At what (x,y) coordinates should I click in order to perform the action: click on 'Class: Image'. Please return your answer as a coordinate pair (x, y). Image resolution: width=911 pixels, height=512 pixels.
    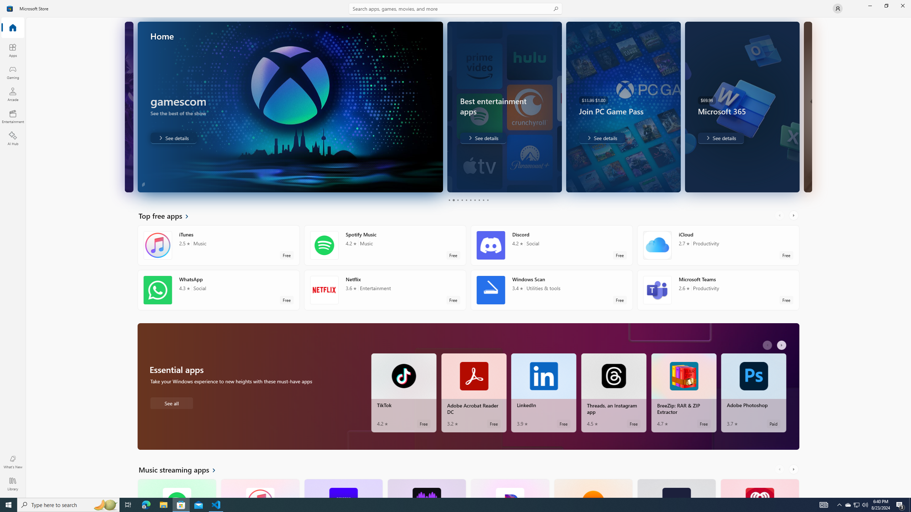
    Looking at the image, I should click on (10, 8).